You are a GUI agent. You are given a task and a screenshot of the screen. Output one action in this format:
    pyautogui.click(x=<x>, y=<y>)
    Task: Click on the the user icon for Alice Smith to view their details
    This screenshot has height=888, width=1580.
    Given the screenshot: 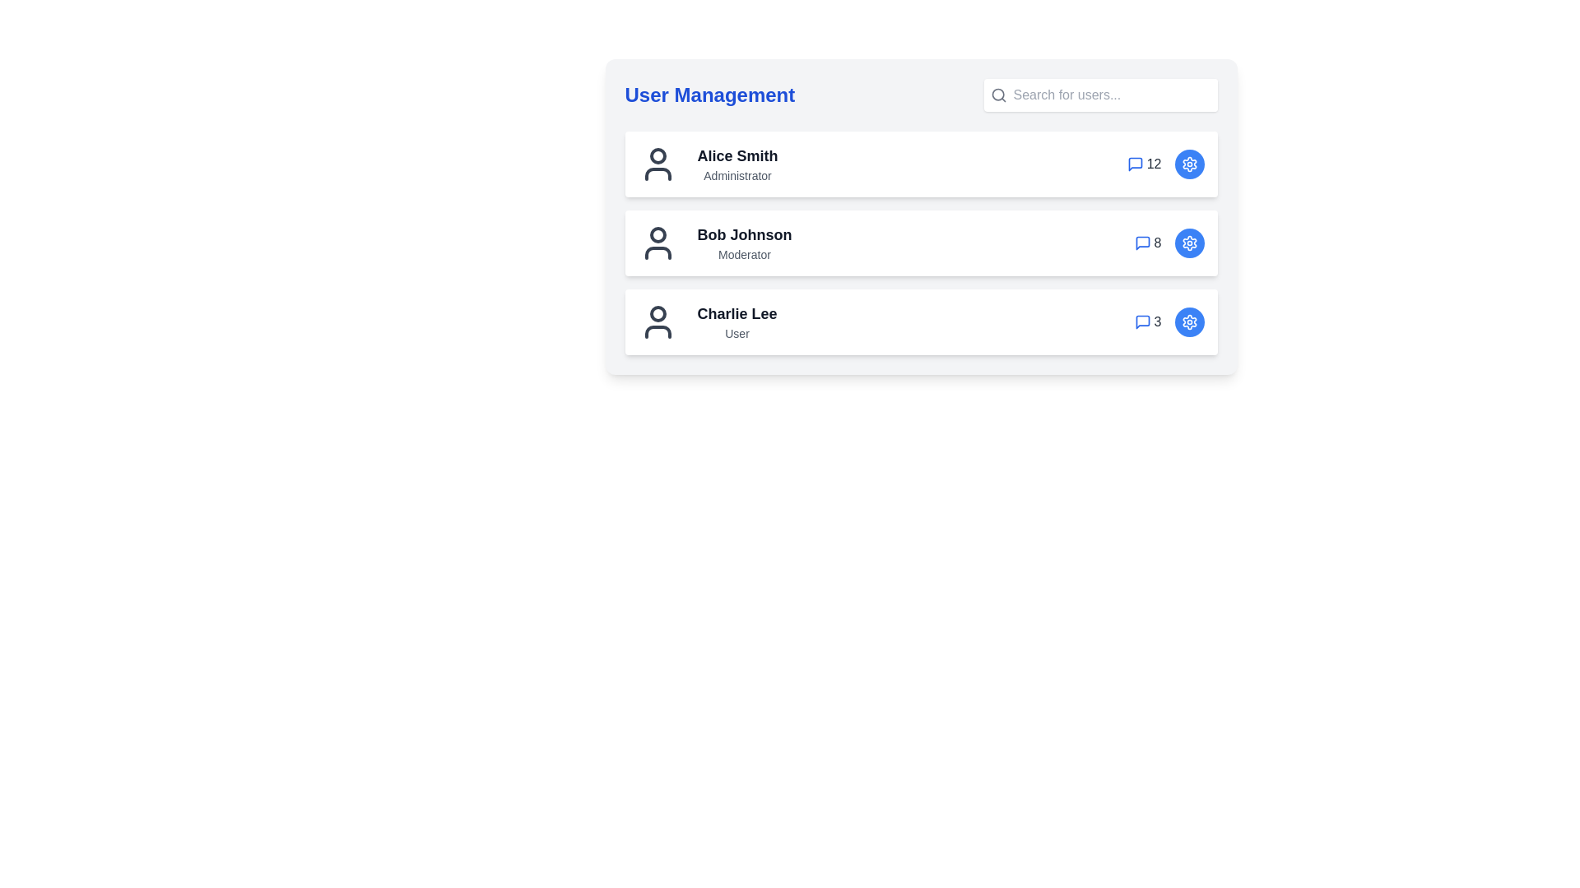 What is the action you would take?
    pyautogui.click(x=657, y=164)
    